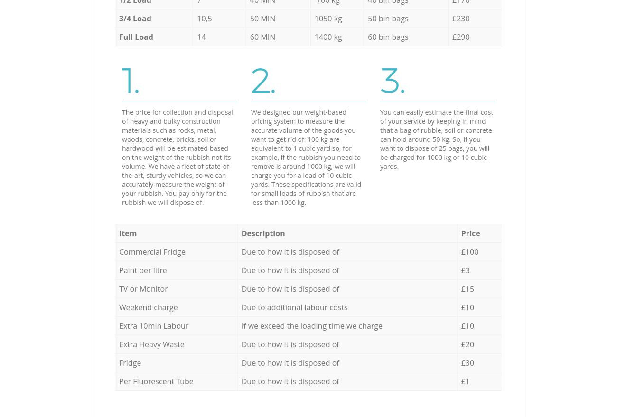  I want to click on 'TV or Monitor', so click(143, 288).